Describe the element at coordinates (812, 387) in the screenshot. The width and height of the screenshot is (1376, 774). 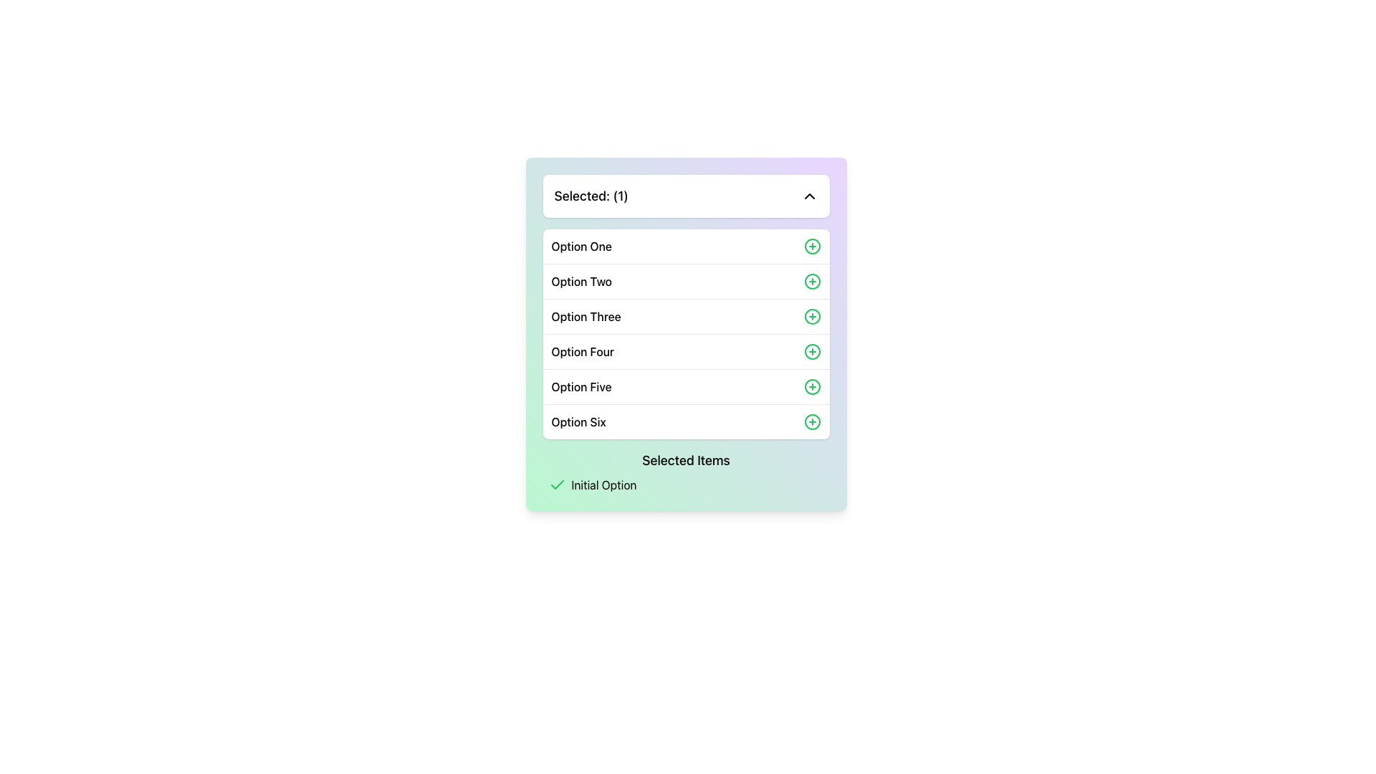
I see `the icon button` at that location.